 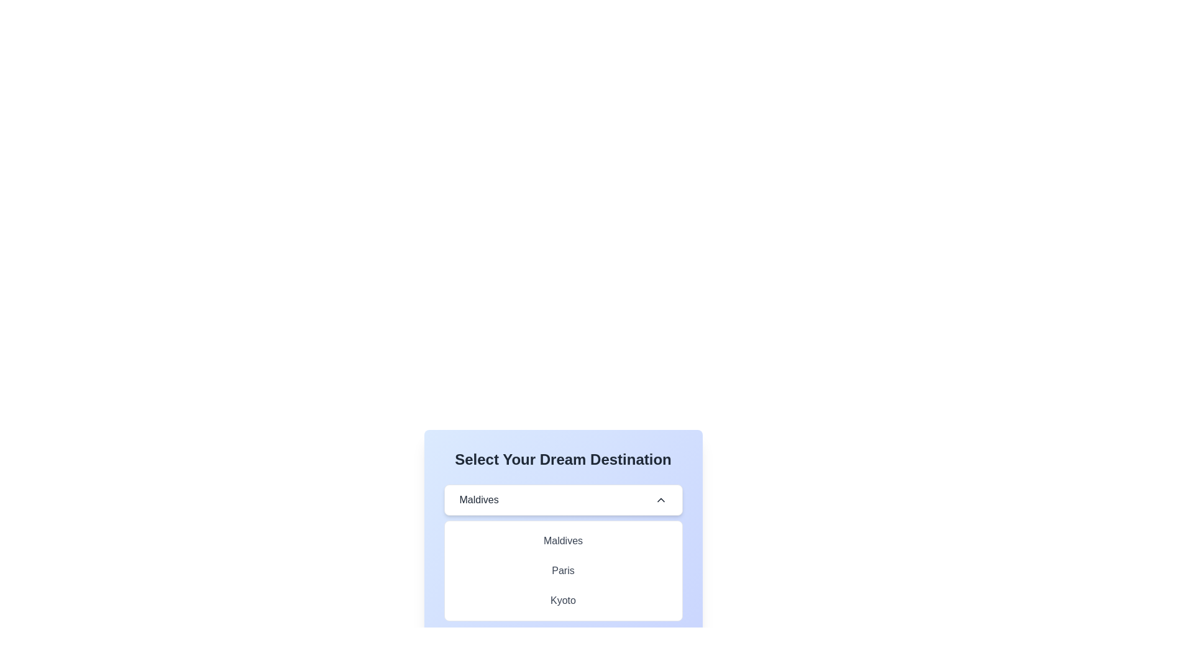 What do you see at coordinates (478, 500) in the screenshot?
I see `the text label that displays the name of the selected item in the dropdown menu, positioned below the 'Select Your Dream Destination' label` at bounding box center [478, 500].